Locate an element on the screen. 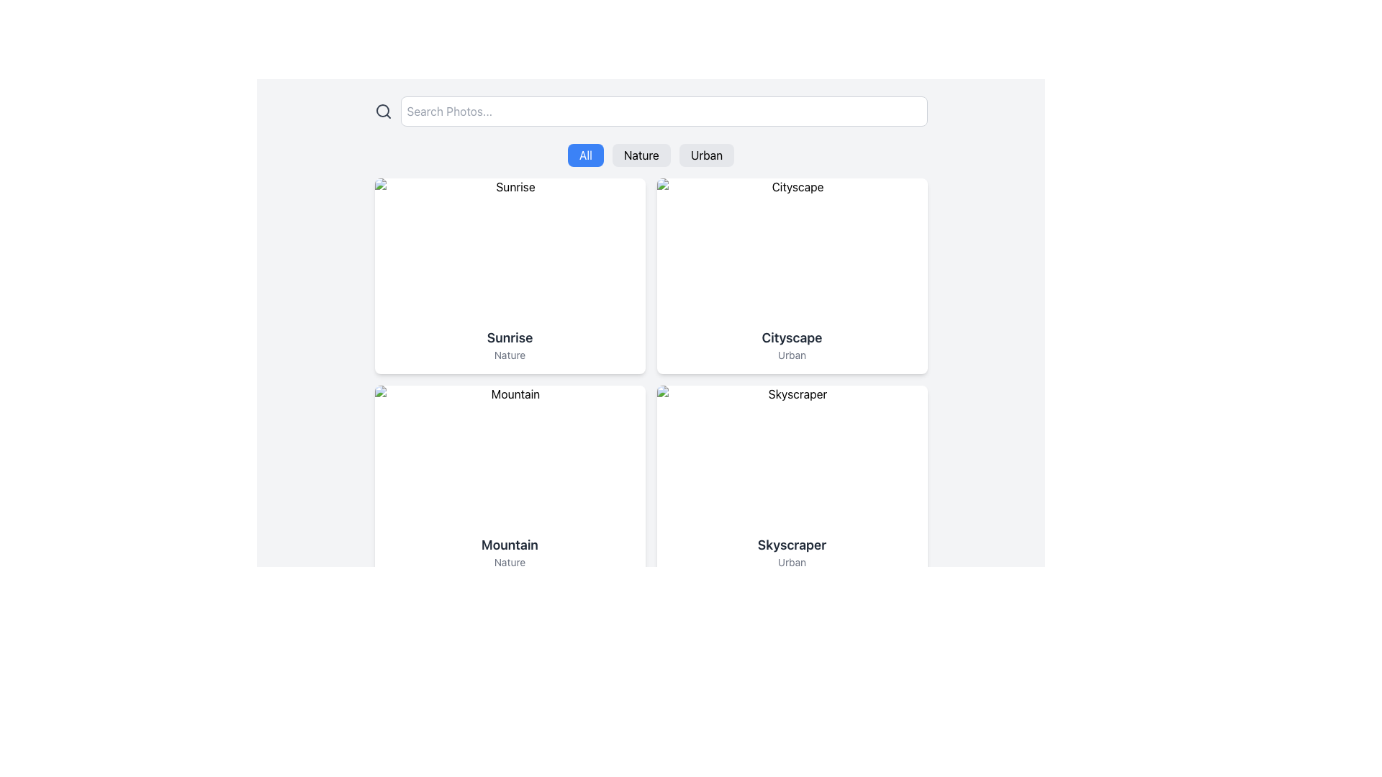  the text label displaying 'Urban', which is styled with a light gray font and located below the bold 'Skyscraper' text in the bottom-right card of a four-card grid layout is located at coordinates (791, 562).